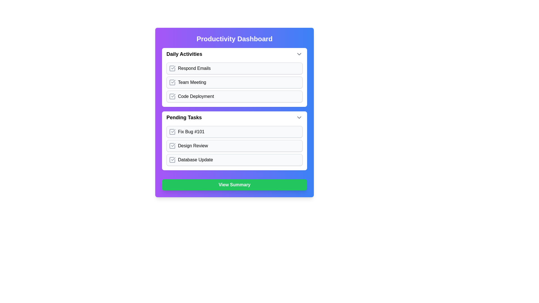 The width and height of the screenshot is (539, 303). What do you see at coordinates (172, 82) in the screenshot?
I see `the Checkbox icon next to the 'Team Meeting' list item in the 'Daily Activities' section` at bounding box center [172, 82].